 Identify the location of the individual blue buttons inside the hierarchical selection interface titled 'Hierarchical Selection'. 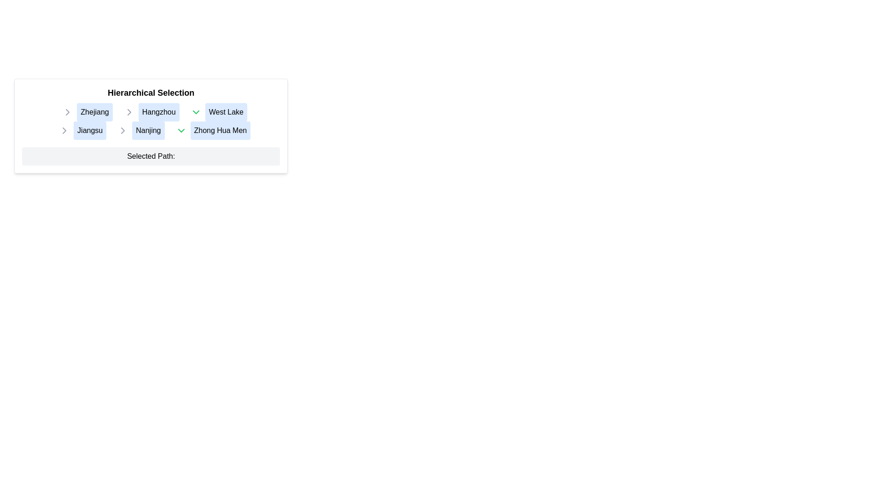
(151, 126).